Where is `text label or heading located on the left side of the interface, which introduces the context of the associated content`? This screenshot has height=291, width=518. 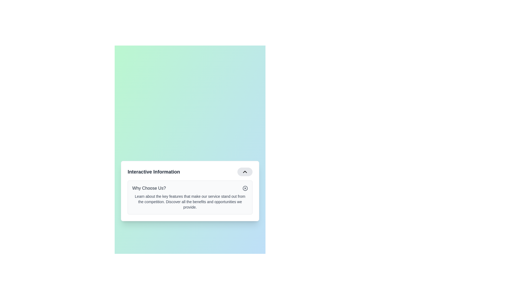
text label or heading located on the left side of the interface, which introduces the context of the associated content is located at coordinates (154, 172).